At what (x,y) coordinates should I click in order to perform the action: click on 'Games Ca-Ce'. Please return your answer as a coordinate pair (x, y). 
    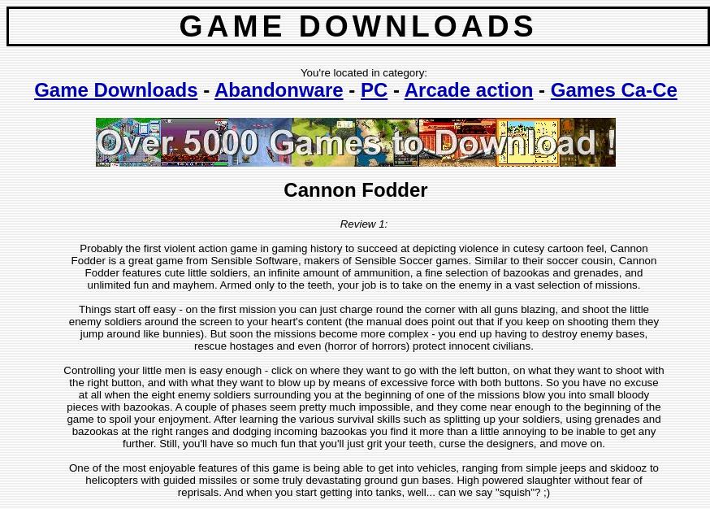
    Looking at the image, I should click on (612, 89).